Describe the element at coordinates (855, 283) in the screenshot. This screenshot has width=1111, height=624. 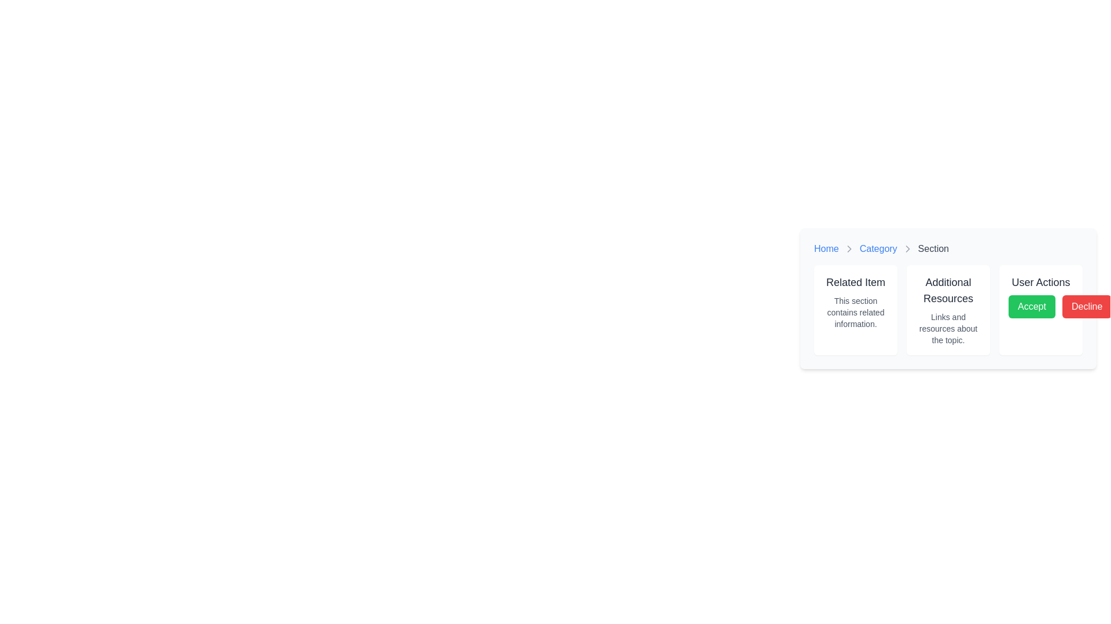
I see `the Text Label that serves as a header for related information, located in a rounded, shadowed, white card in the top-left section of the layout` at that location.